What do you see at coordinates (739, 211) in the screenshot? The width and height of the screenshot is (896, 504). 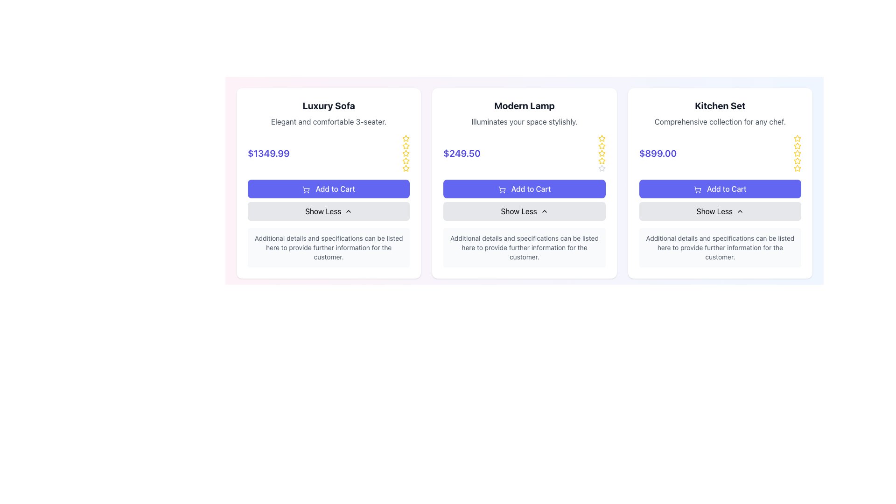 I see `the collapse icon within the 'Show Less' button located at the bottom of the 'Kitchen Set' card` at bounding box center [739, 211].